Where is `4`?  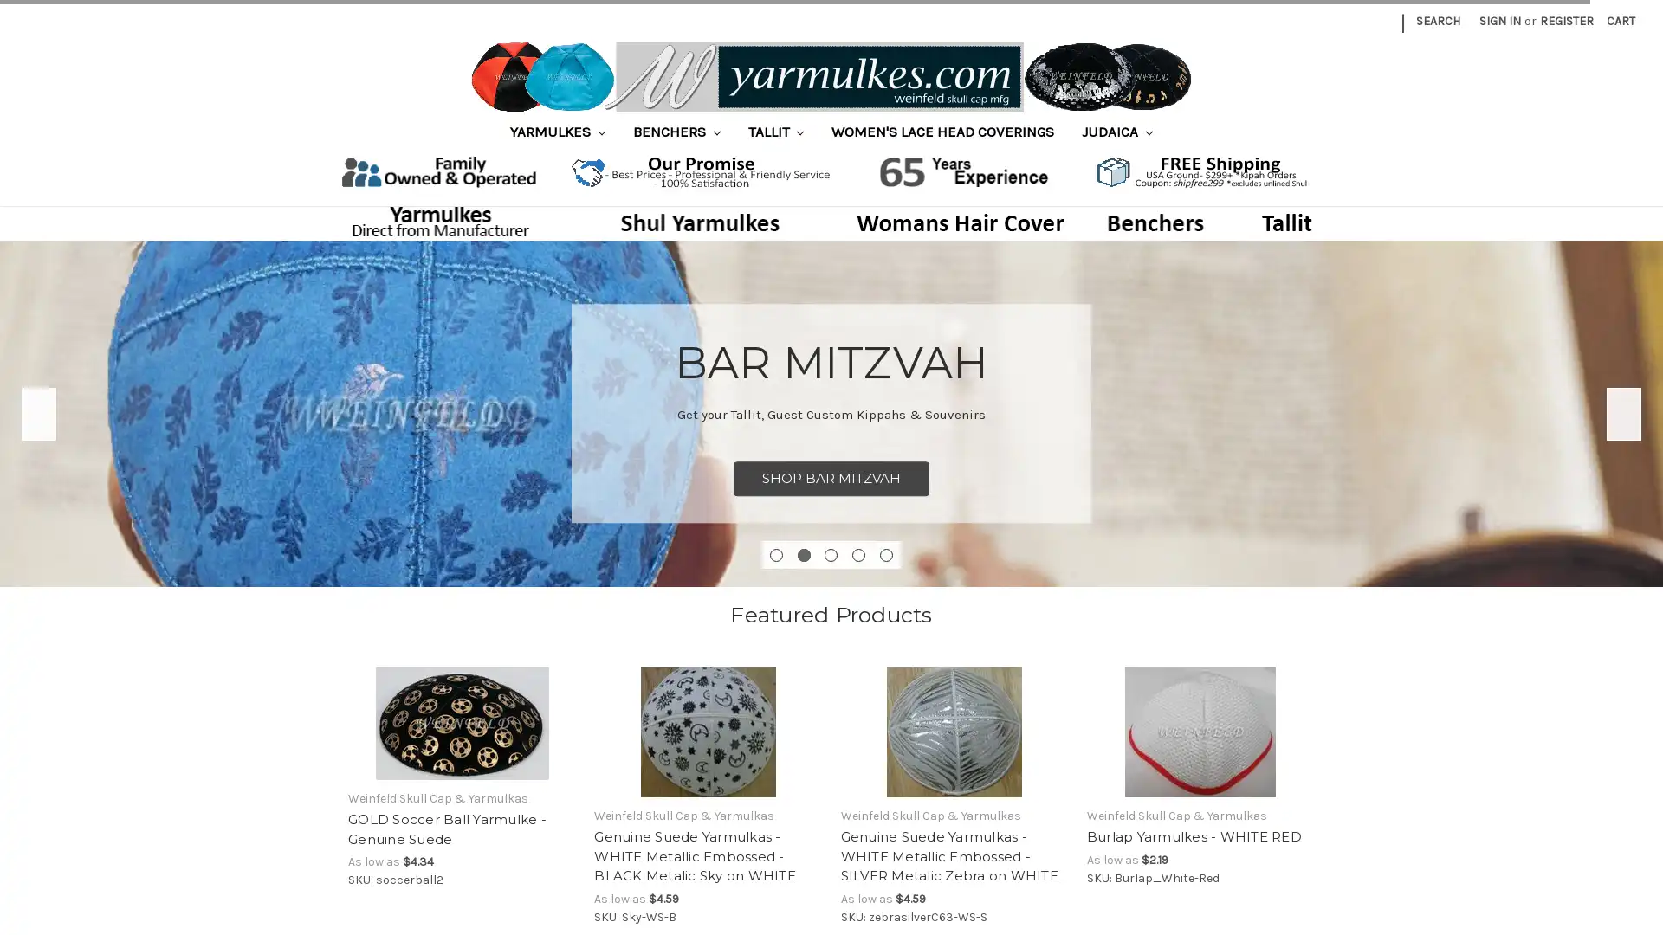 4 is located at coordinates (858, 554).